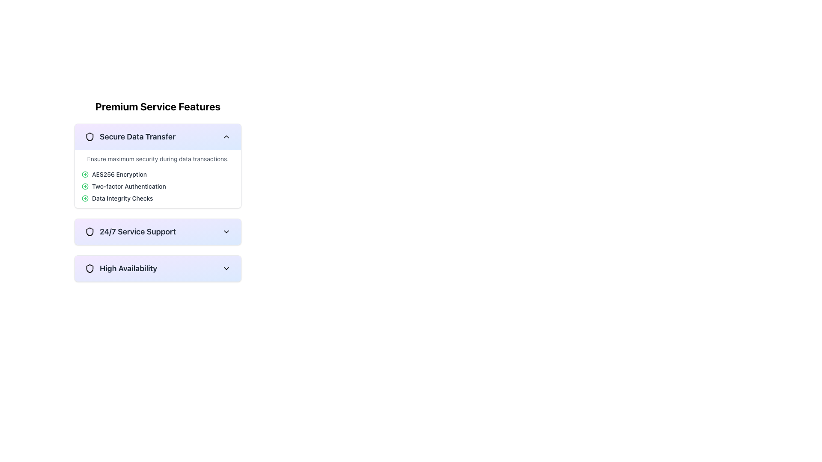 The height and width of the screenshot is (462, 822). Describe the element at coordinates (90, 268) in the screenshot. I see `the decorative icon symbolizing protection or reliability, located to the left of the 'High Availability' text` at that location.